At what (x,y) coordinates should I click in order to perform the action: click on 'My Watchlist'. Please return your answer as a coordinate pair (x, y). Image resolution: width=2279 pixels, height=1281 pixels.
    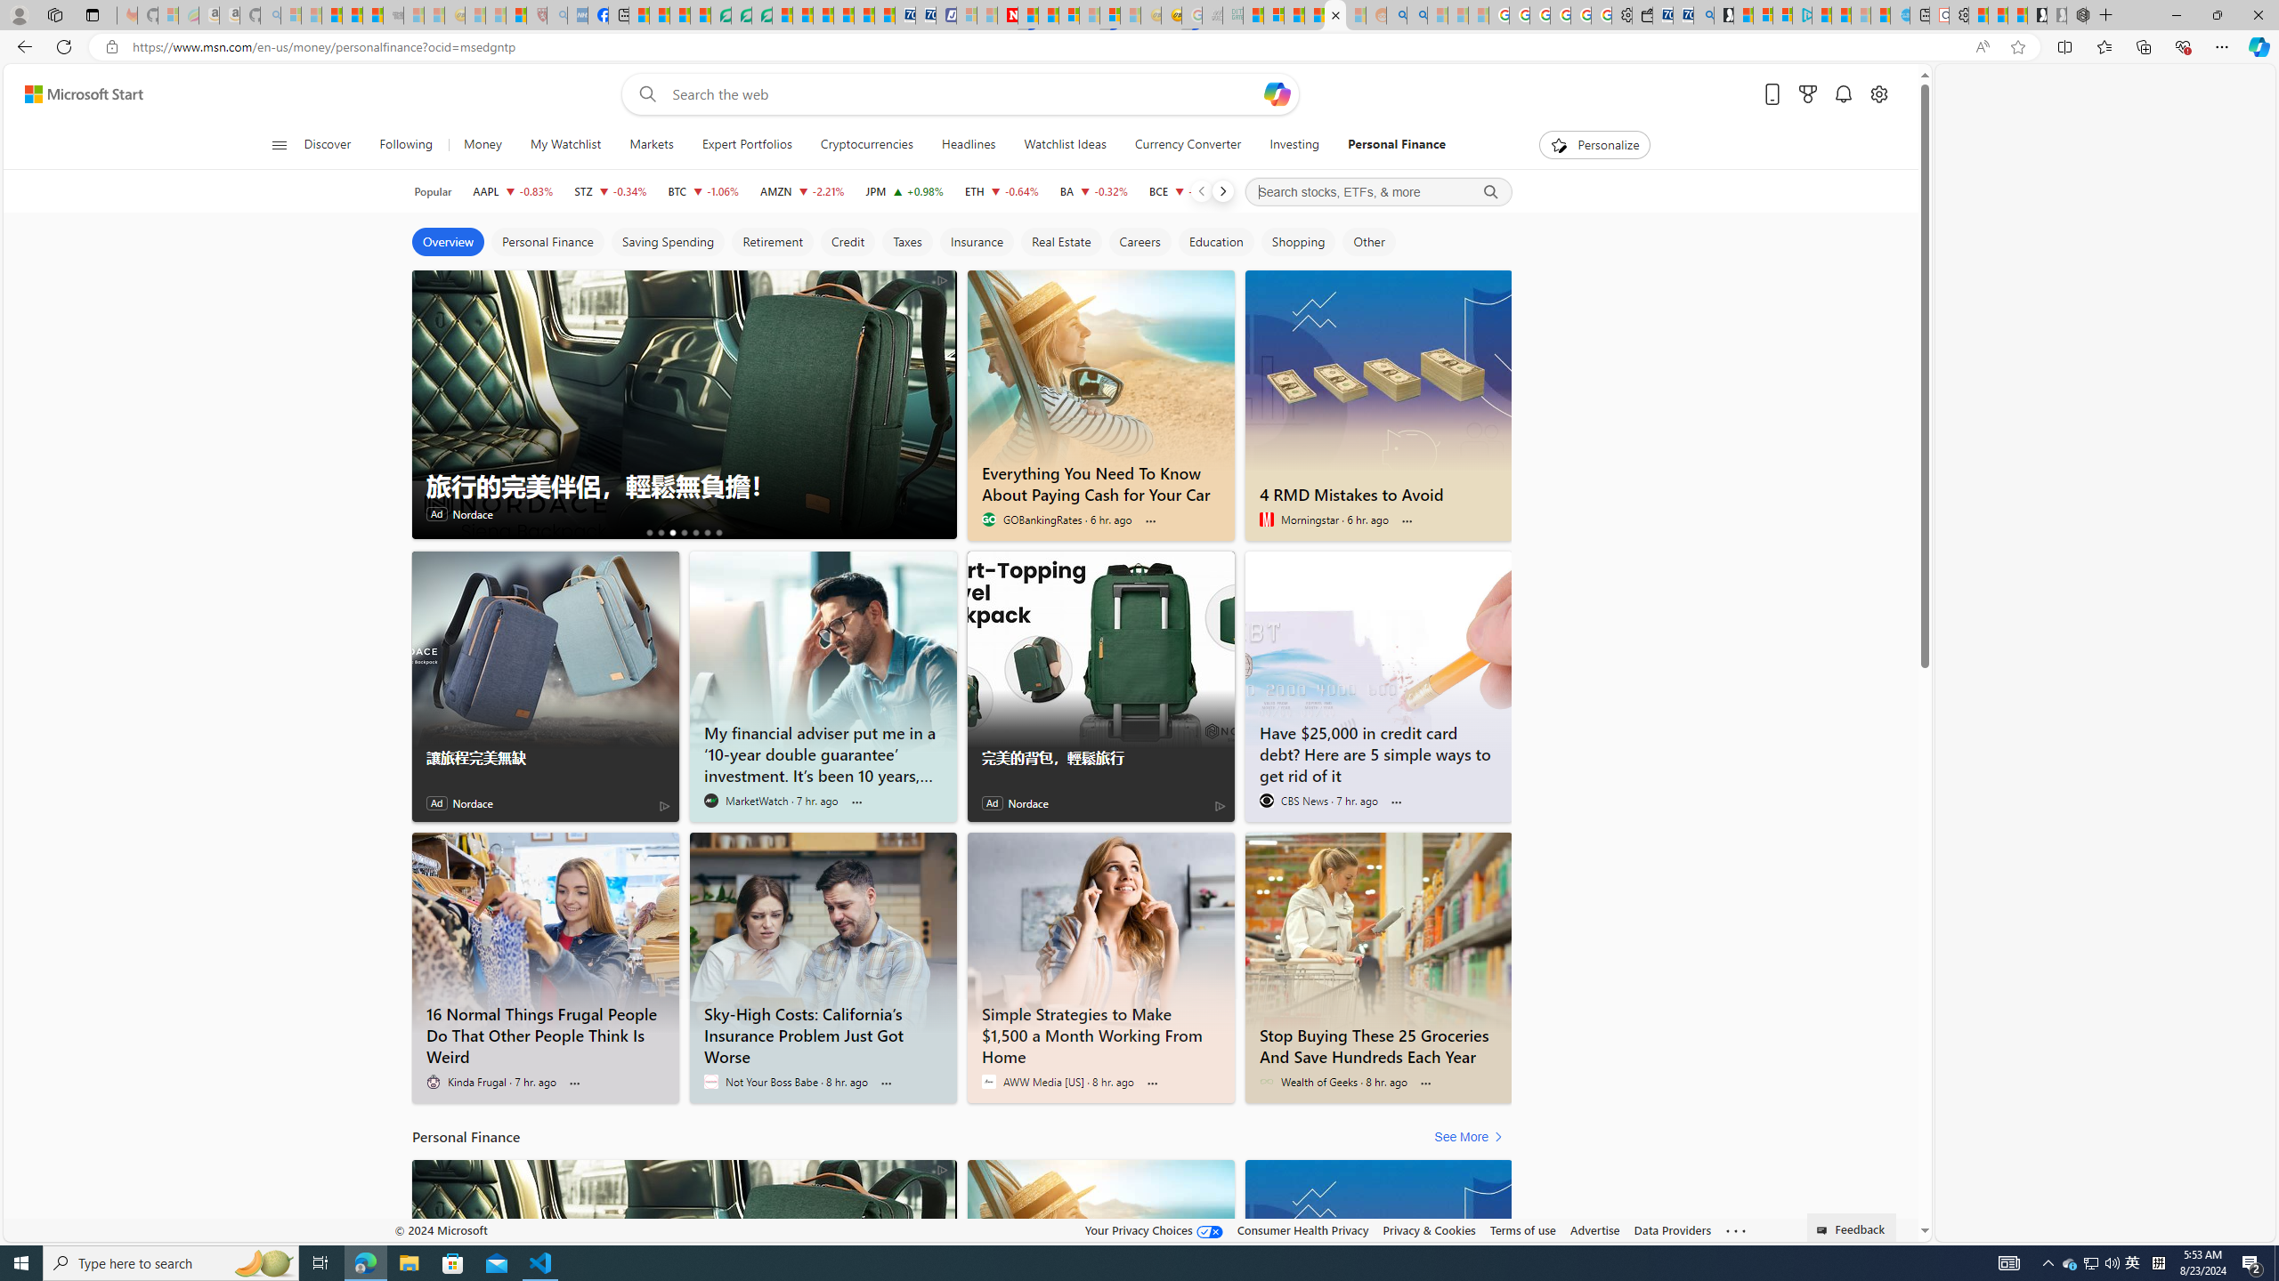
    Looking at the image, I should click on (564, 144).